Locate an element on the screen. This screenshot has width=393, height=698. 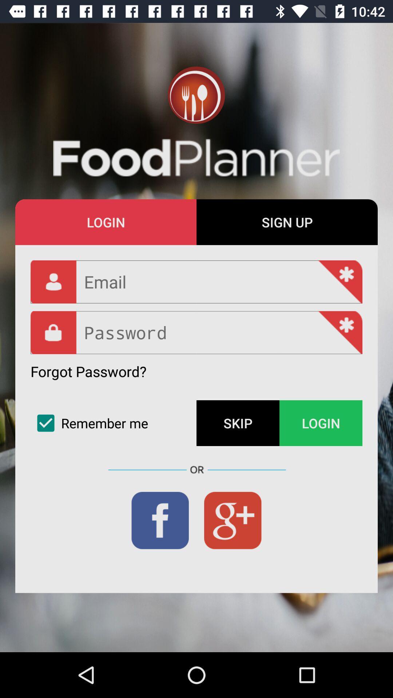
icon to the right of login item is located at coordinates (287, 222).